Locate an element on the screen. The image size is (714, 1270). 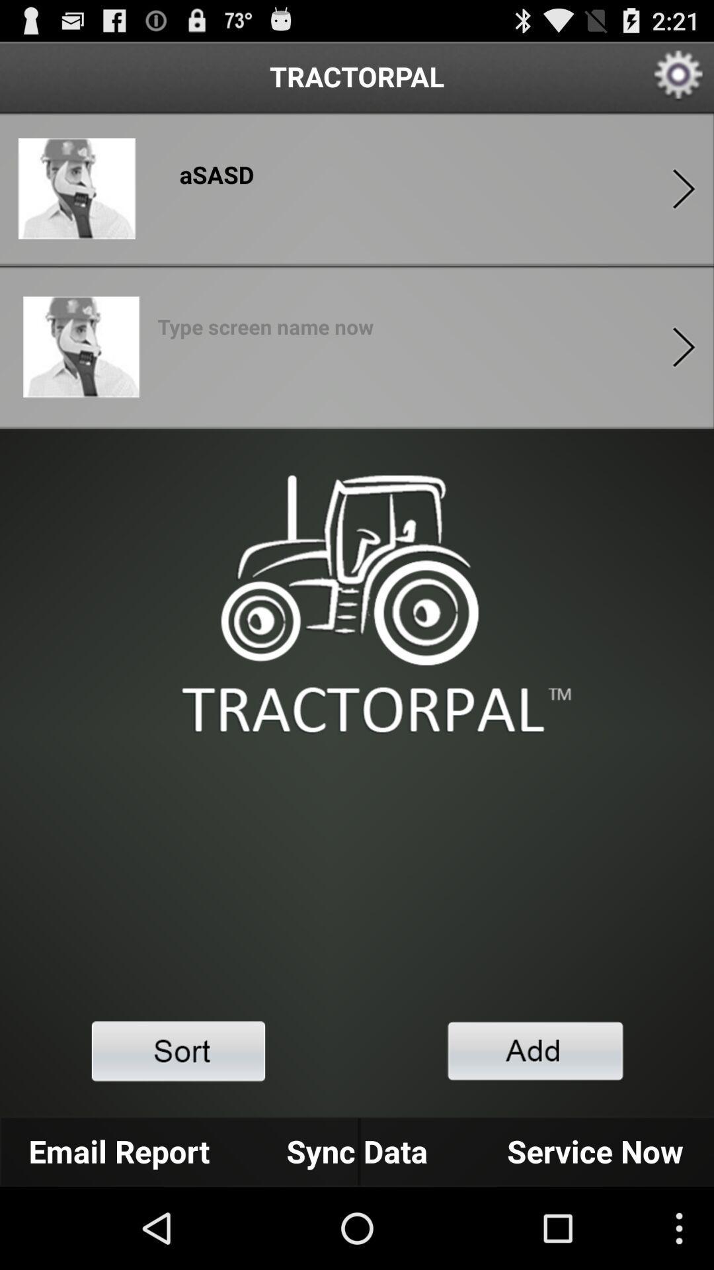
type screen name now is located at coordinates (265, 331).